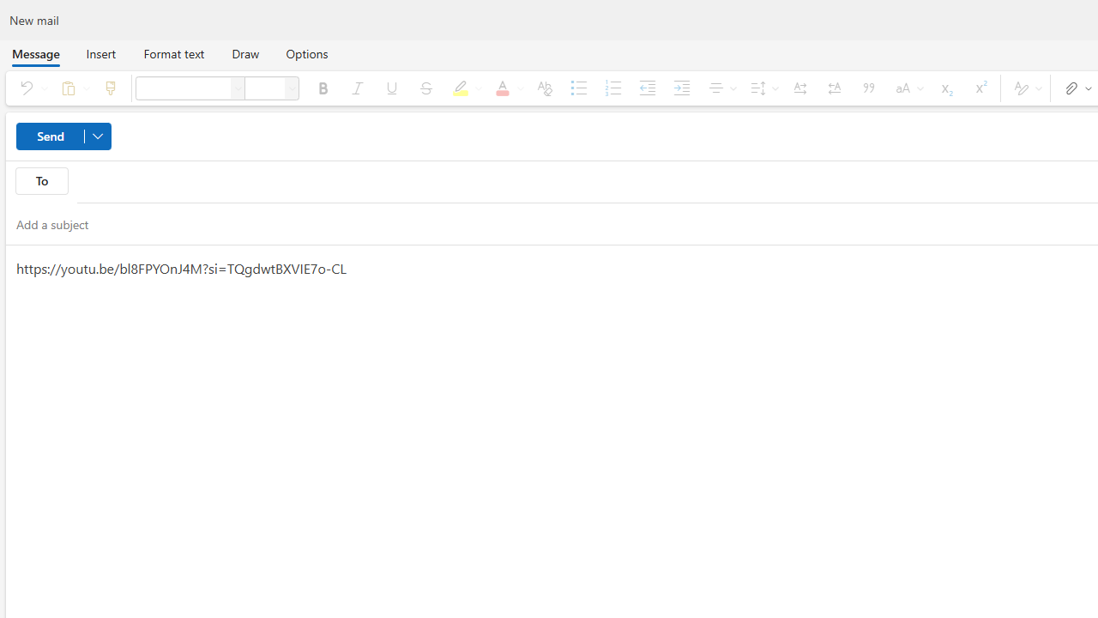 The width and height of the screenshot is (1098, 618). I want to click on 'Font size', so click(263, 88).